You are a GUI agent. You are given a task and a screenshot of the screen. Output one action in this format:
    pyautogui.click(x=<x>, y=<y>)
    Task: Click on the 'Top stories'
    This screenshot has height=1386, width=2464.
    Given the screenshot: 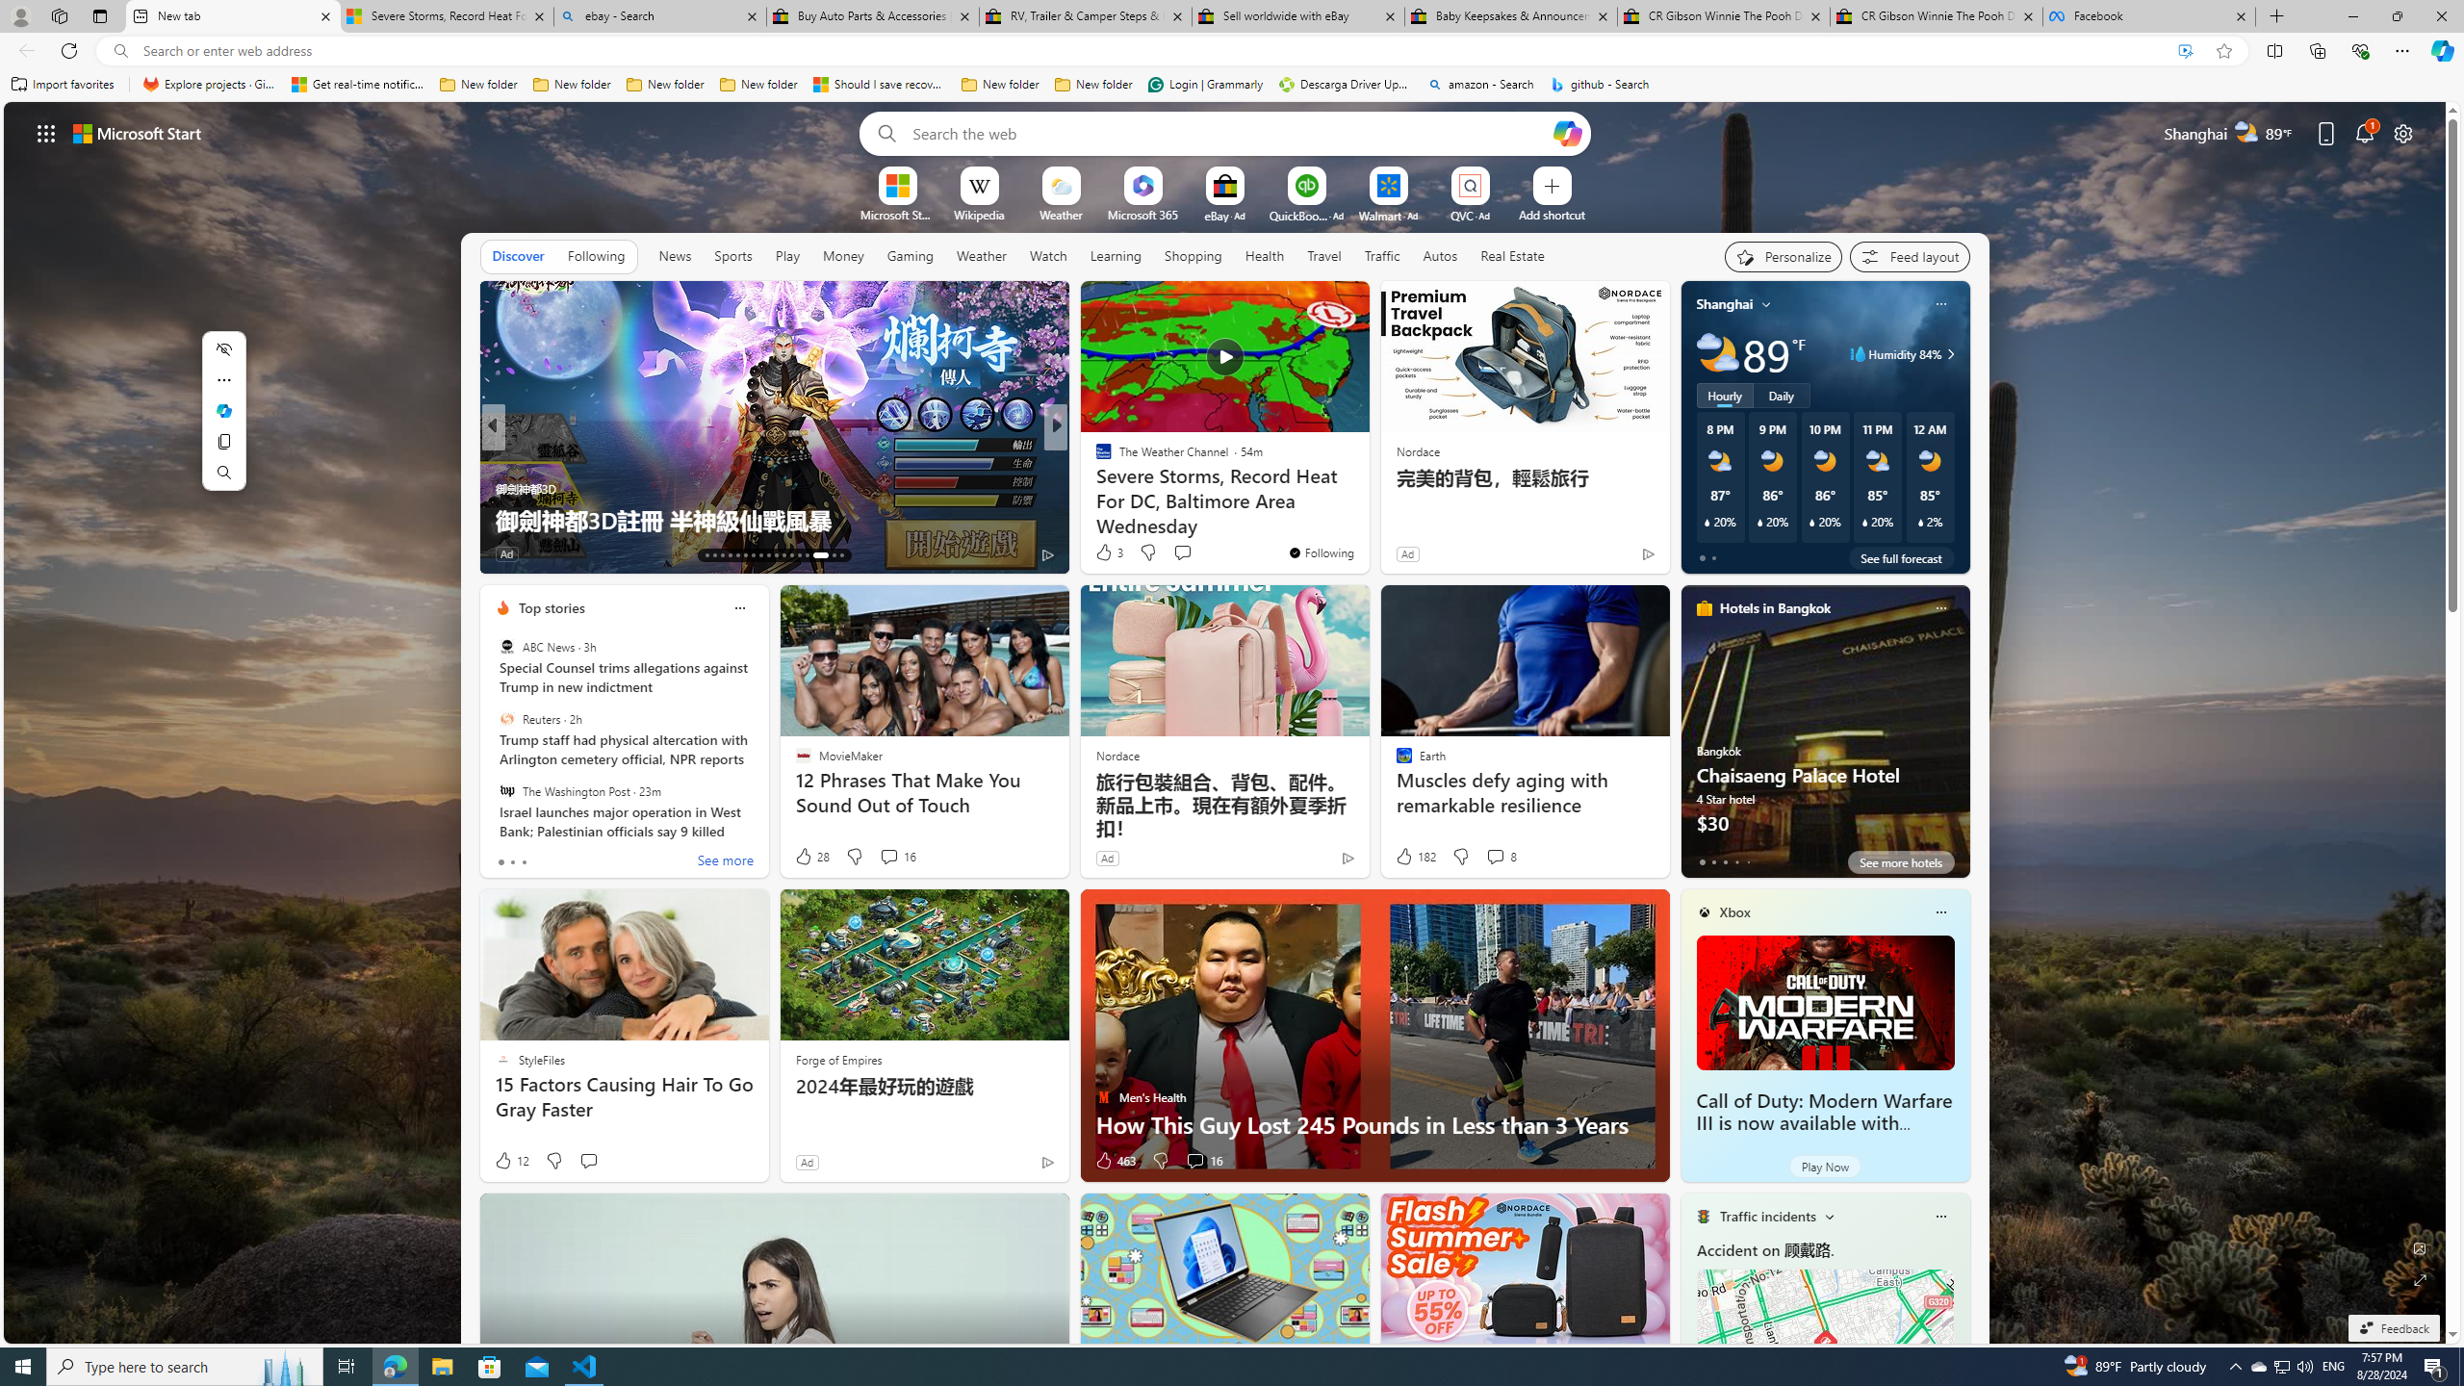 What is the action you would take?
    pyautogui.click(x=551, y=607)
    